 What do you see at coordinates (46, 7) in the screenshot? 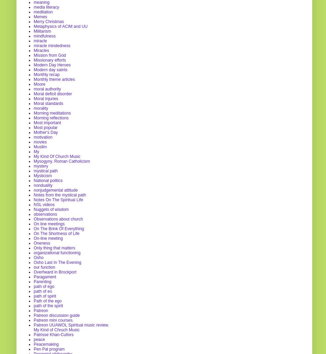
I see `'media literacy'` at bounding box center [46, 7].